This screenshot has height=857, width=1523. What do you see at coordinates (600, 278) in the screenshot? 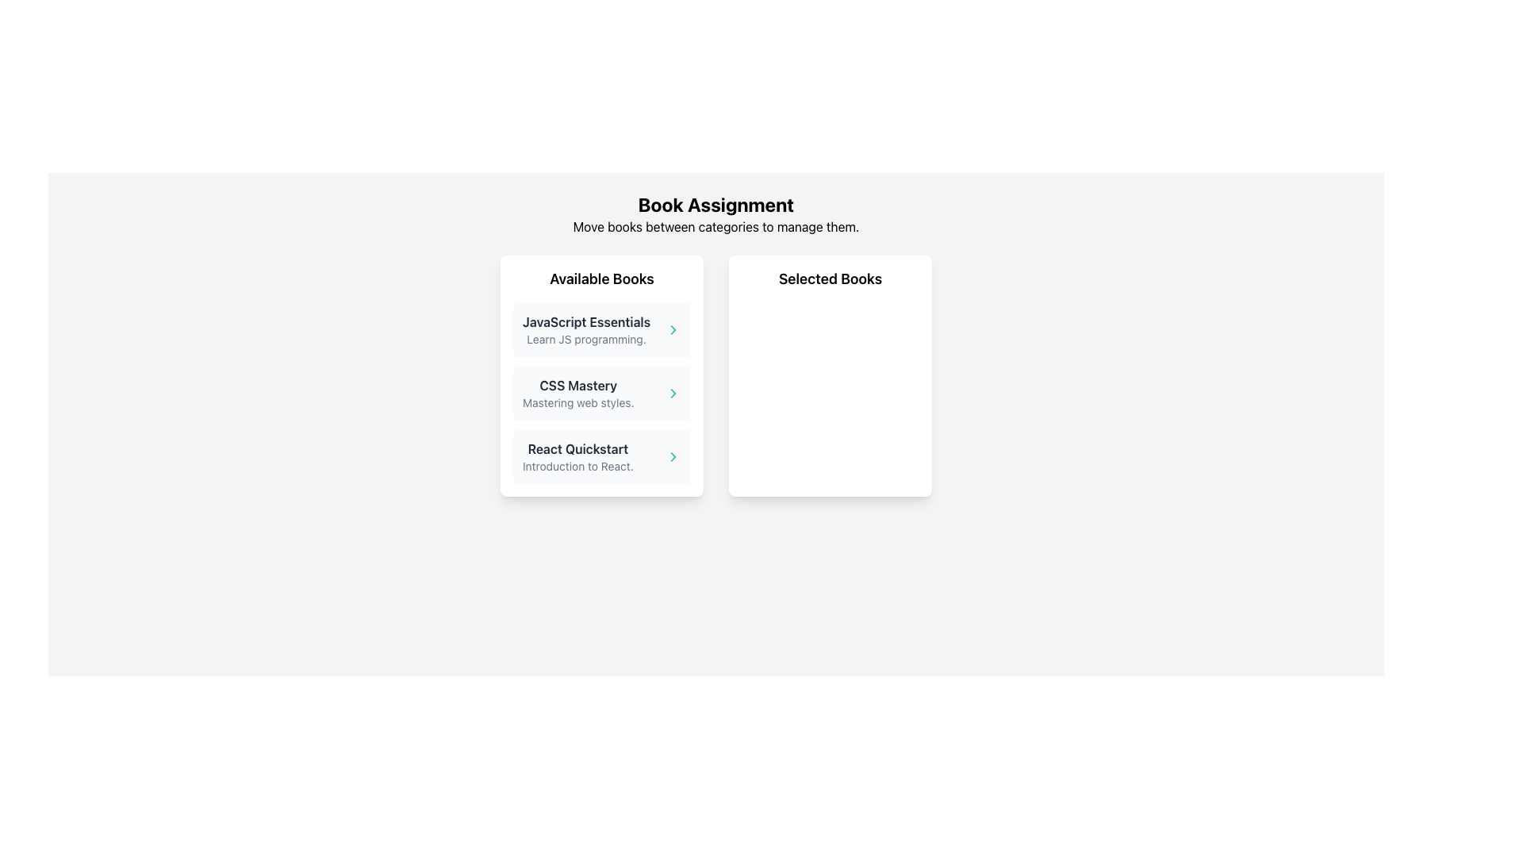
I see `the Text Label that serves as a title or header for the section listing 'Available Books'` at bounding box center [600, 278].